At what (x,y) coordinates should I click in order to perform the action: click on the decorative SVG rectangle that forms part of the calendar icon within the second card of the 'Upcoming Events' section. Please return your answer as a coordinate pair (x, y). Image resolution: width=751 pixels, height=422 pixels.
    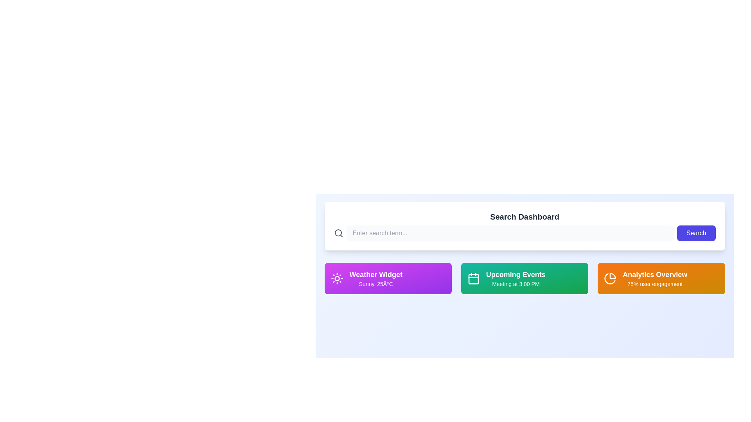
    Looking at the image, I should click on (473, 279).